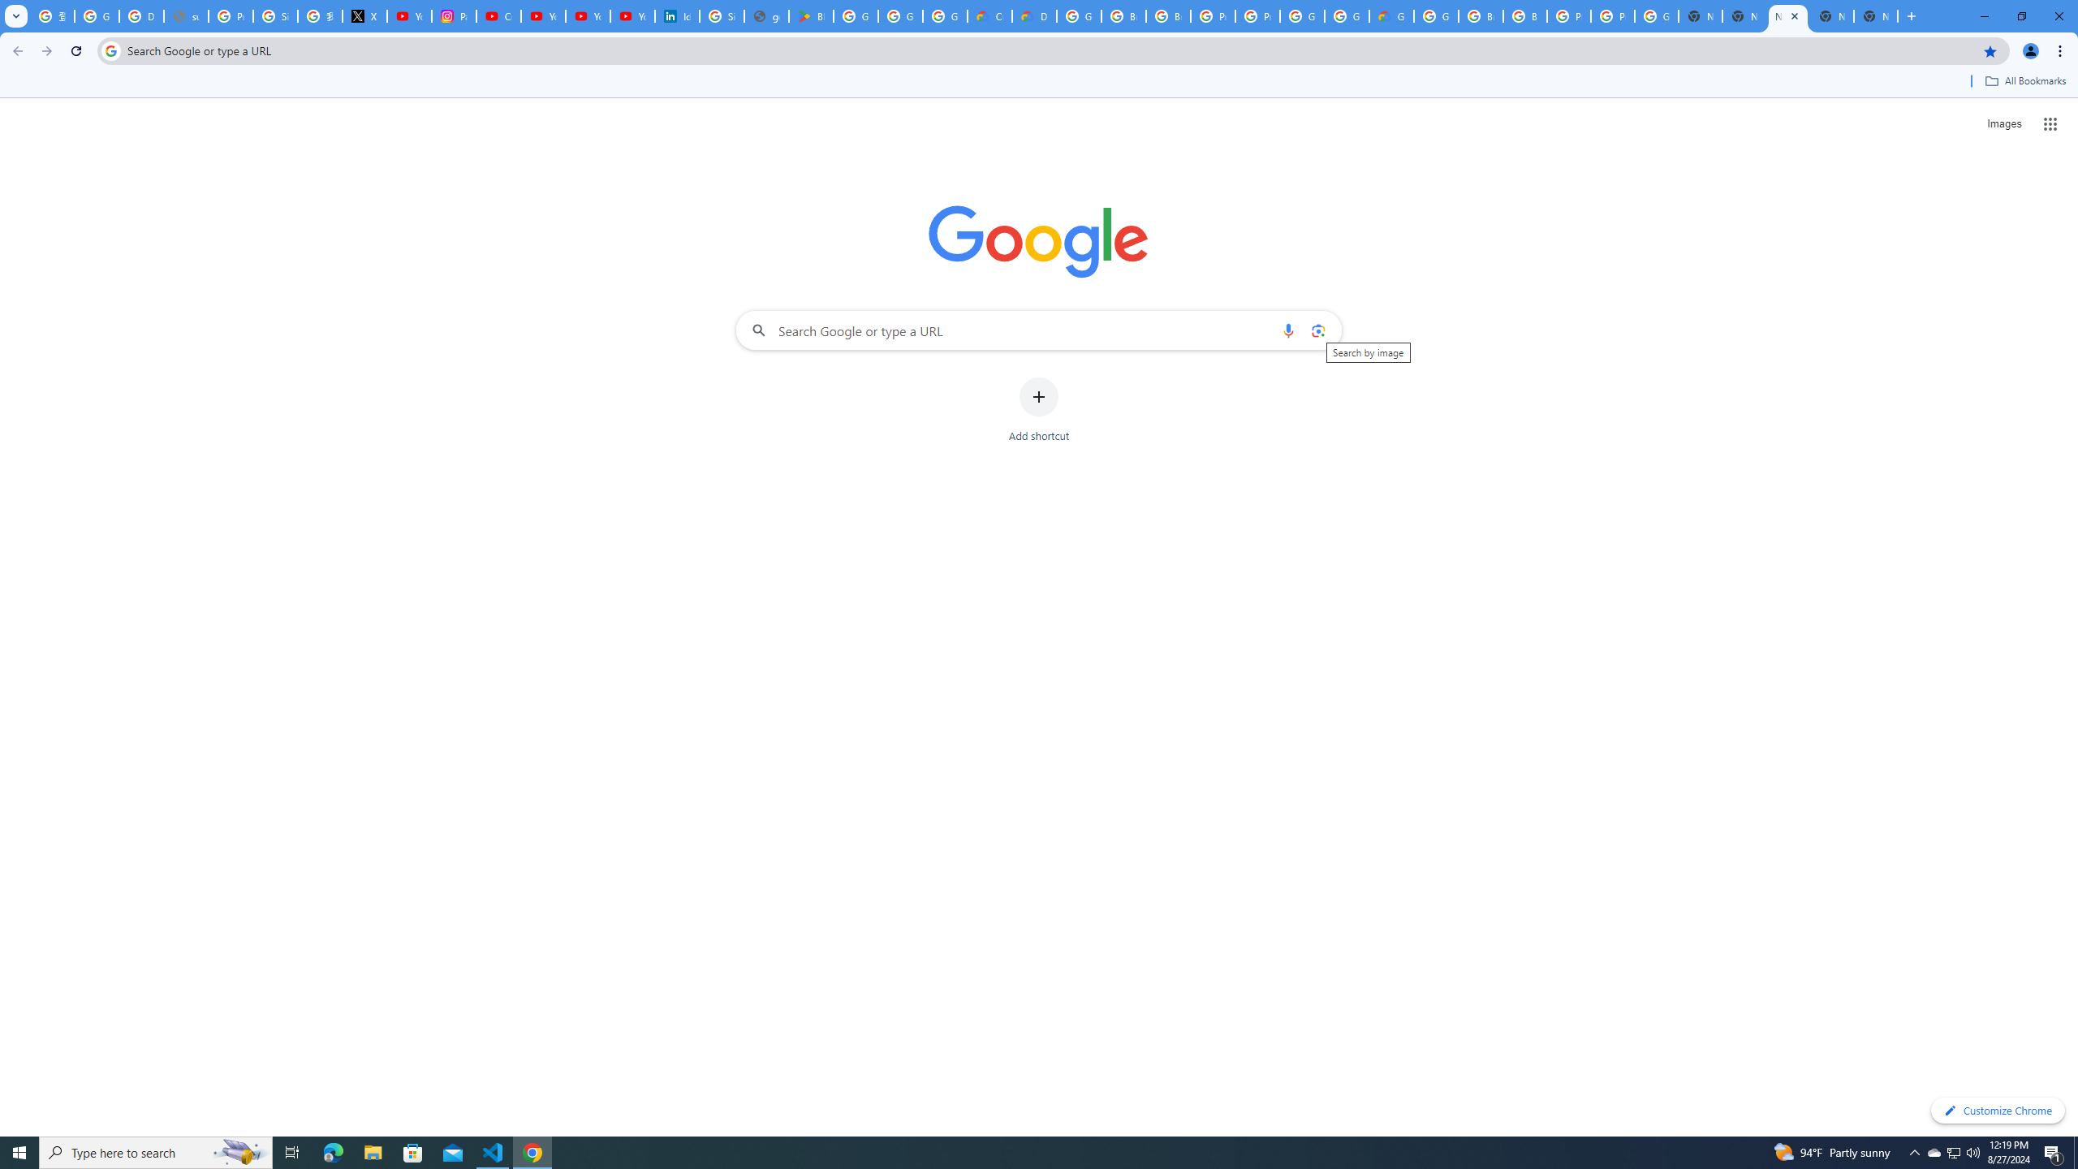  Describe the element at coordinates (1123, 15) in the screenshot. I see `'Browse Chrome as a guest - Computer - Google Chrome Help'` at that location.